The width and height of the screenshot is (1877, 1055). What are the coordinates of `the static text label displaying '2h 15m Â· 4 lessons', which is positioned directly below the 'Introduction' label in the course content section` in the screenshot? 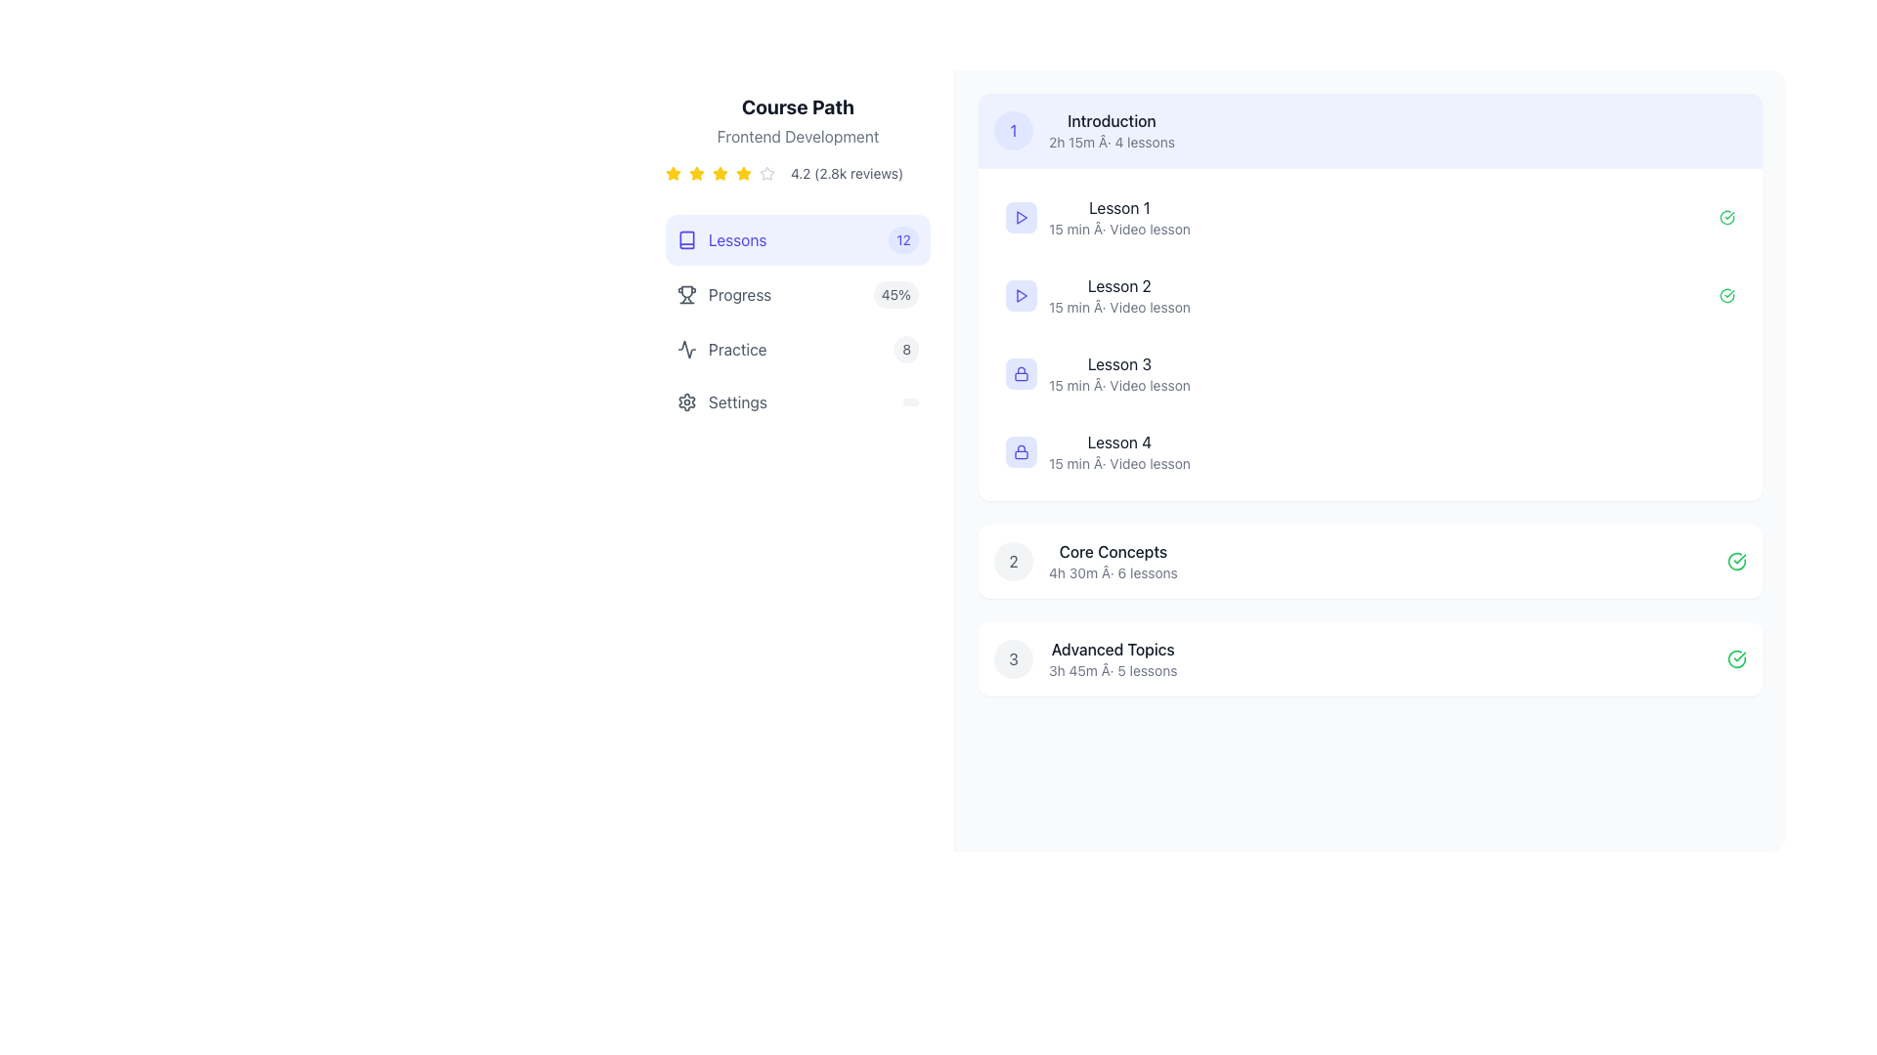 It's located at (1112, 142).